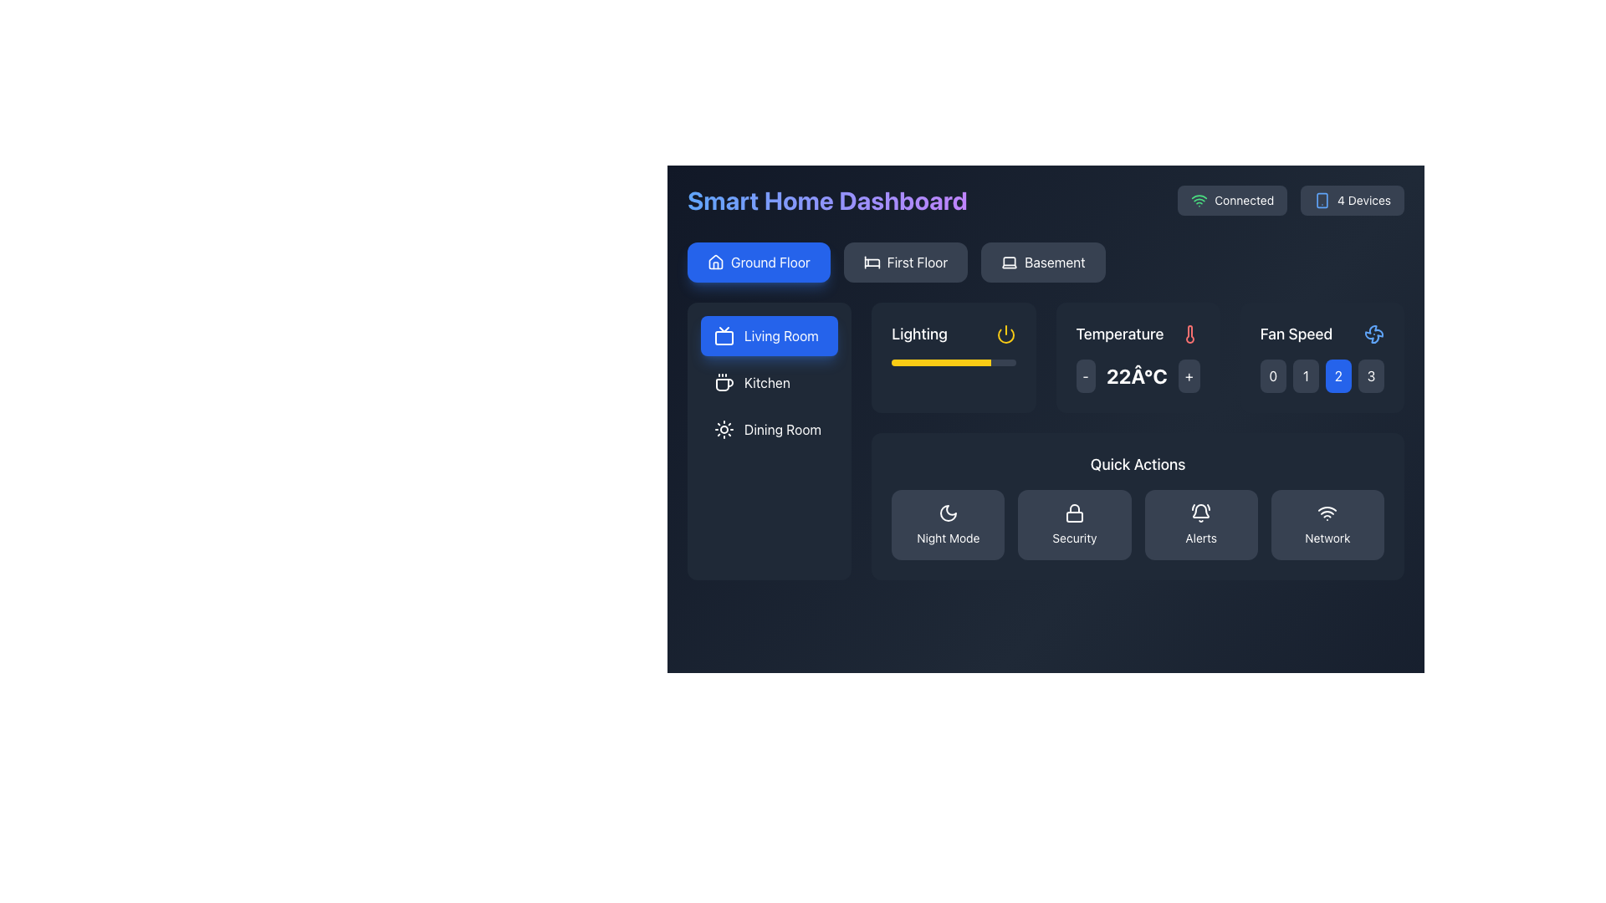 The image size is (1606, 903). I want to click on the text label element displaying the word 'Network', which is styled with a smaller font size in white color on a dark gray background, located below a WiFi icon in the 'Quick Actions' section at the bottom right of the interface, so click(1327, 538).